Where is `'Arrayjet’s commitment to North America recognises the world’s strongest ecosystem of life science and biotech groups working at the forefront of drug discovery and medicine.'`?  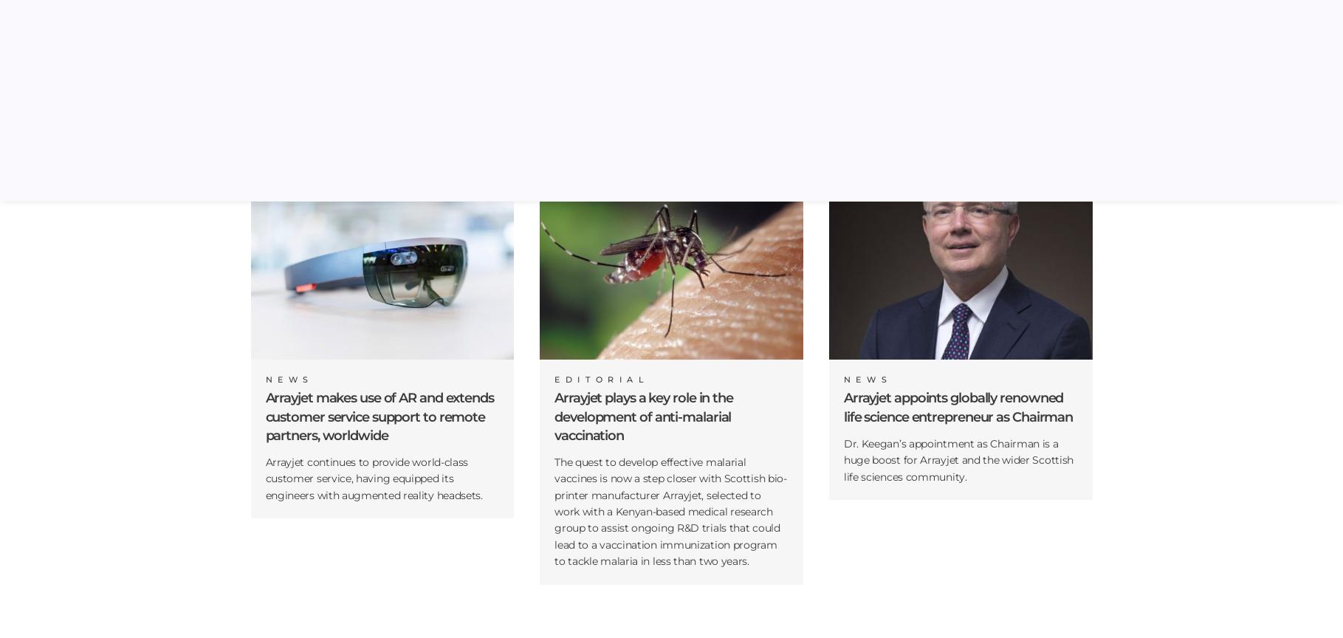 'Arrayjet’s commitment to North America recognises the world’s strongest ecosystem of life science and biotech groups working at the forefront of drug discovery and medicine.' is located at coordinates (381, 108).